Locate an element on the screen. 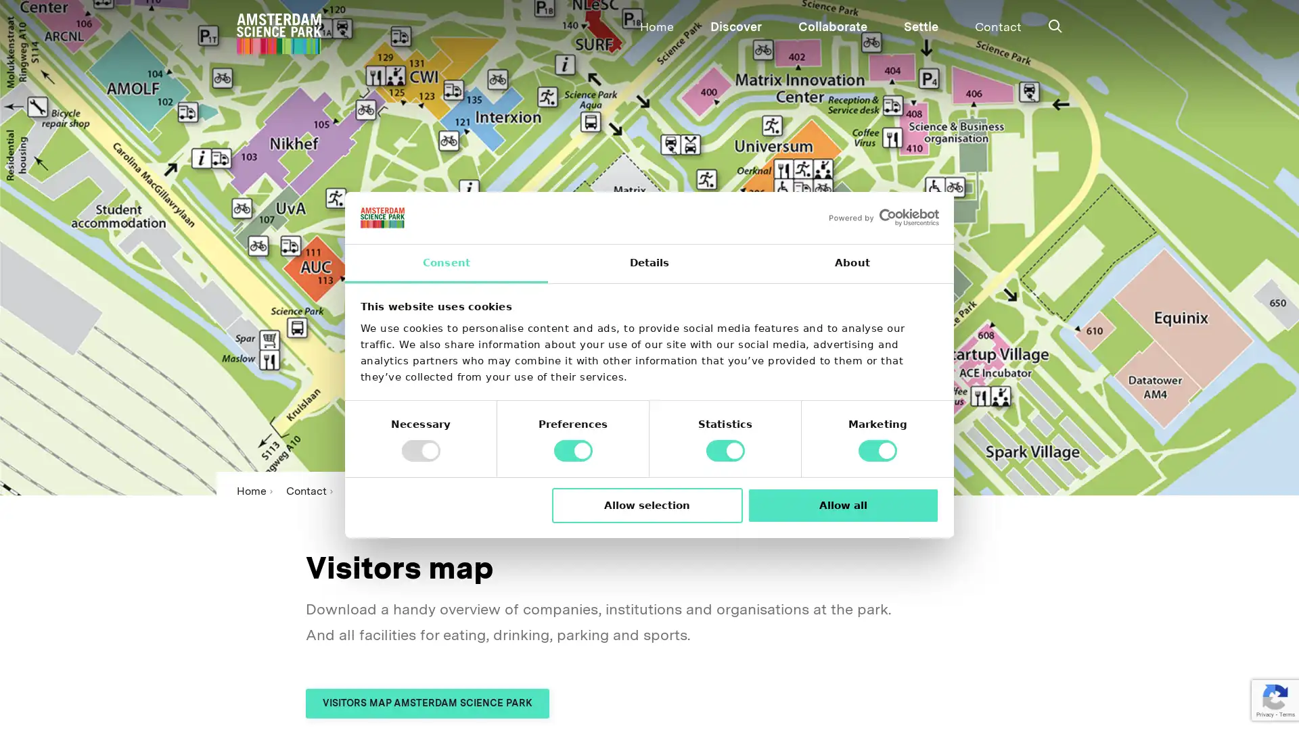 The height and width of the screenshot is (730, 1299). Allow selection is located at coordinates (645, 505).